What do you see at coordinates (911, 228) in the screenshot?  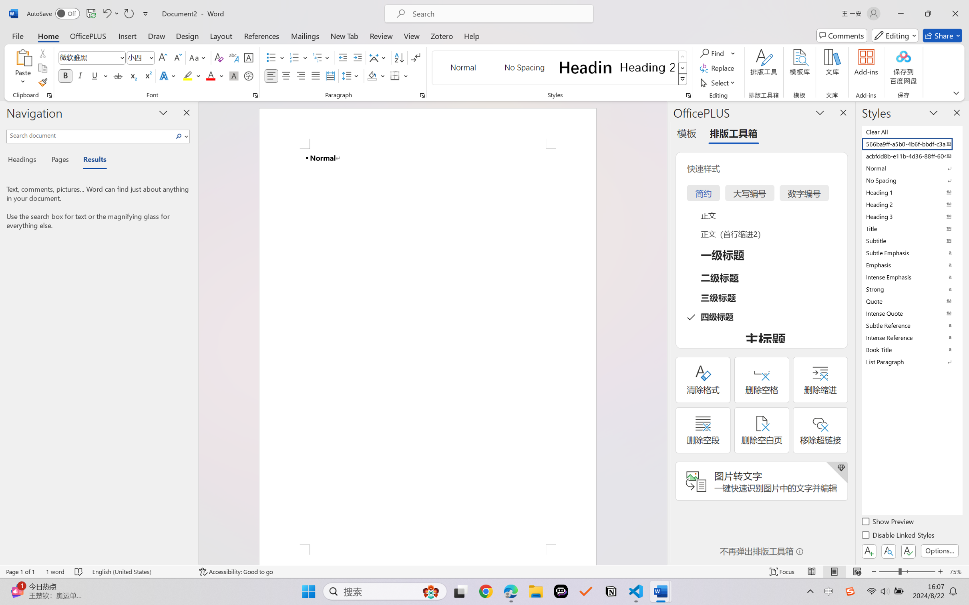 I see `'Title'` at bounding box center [911, 228].